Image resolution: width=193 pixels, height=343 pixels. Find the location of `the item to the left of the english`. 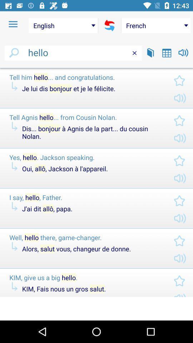

the item to the left of the english is located at coordinates (13, 24).